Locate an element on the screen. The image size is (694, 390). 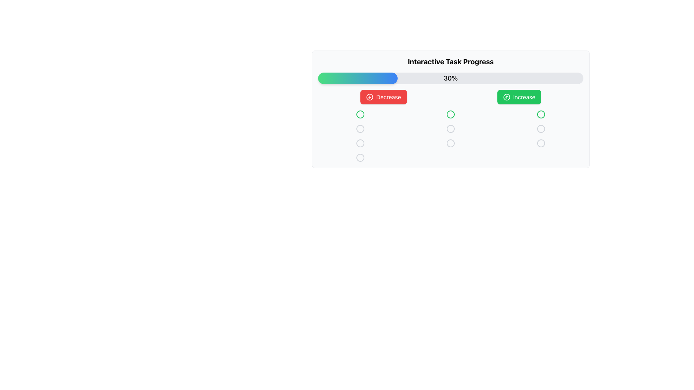
the informational Text Label that displays the current progress value of the progress bar, which is centrally located at the 30% mark of the progress bar is located at coordinates (450, 78).